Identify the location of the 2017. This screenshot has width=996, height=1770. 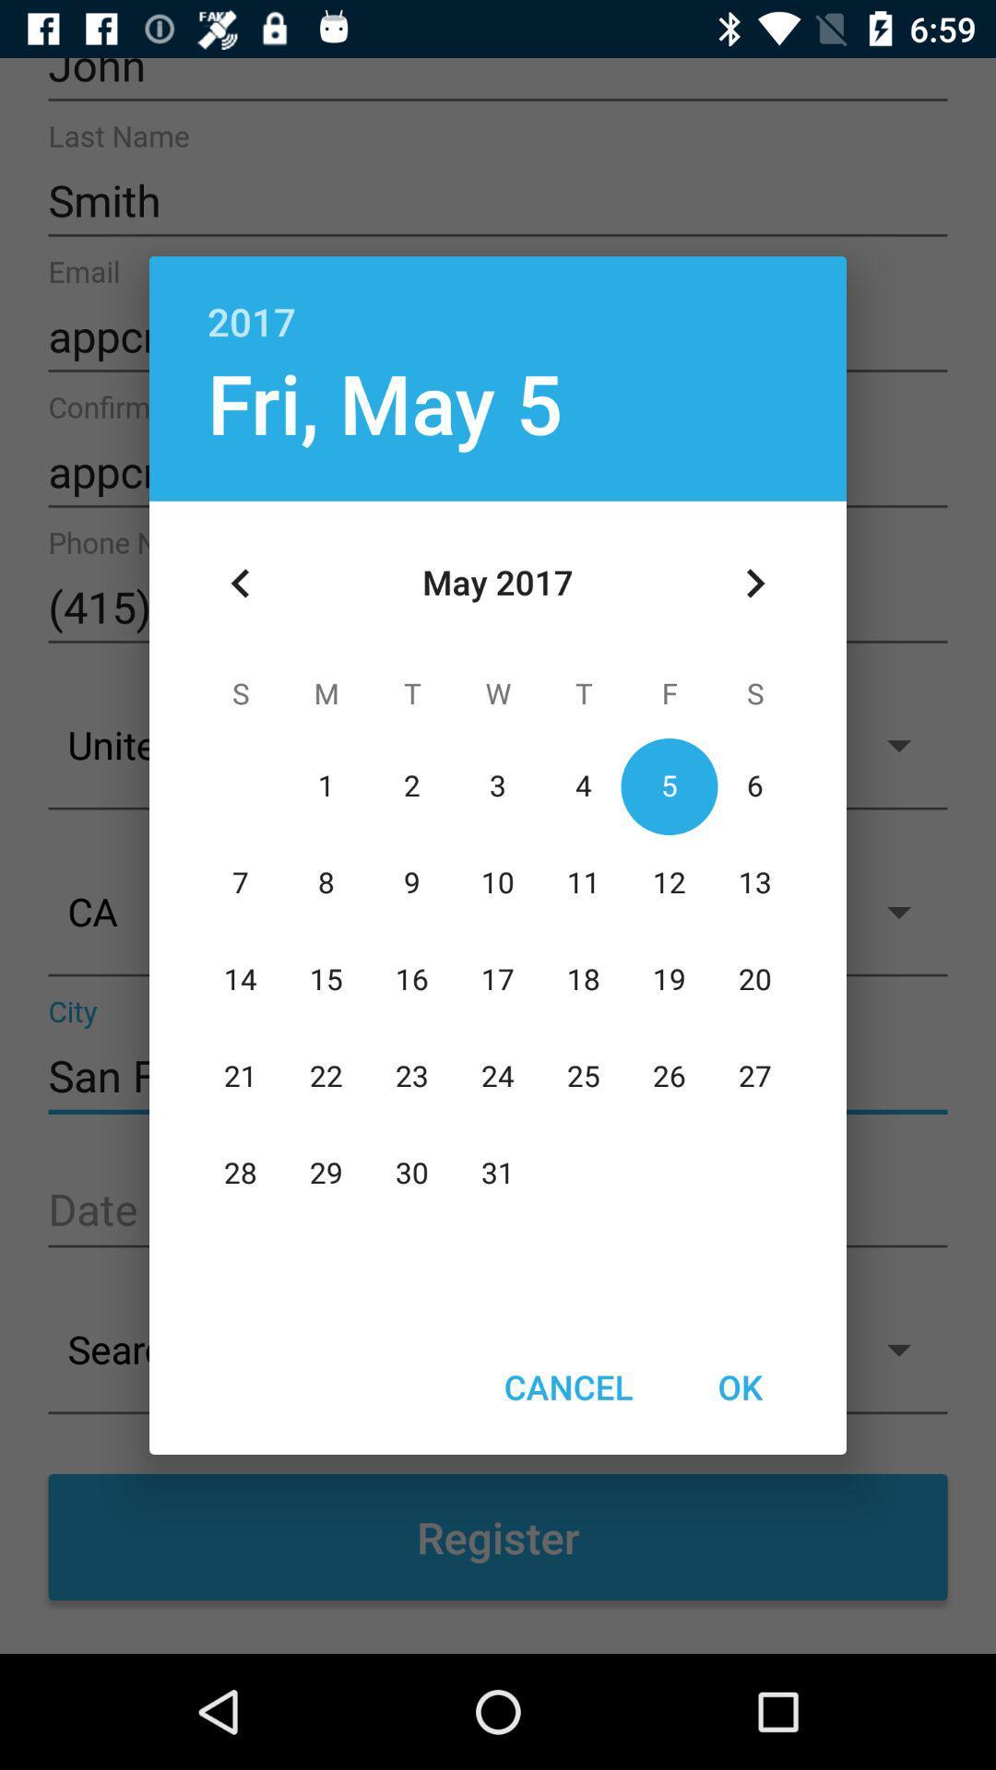
(498, 301).